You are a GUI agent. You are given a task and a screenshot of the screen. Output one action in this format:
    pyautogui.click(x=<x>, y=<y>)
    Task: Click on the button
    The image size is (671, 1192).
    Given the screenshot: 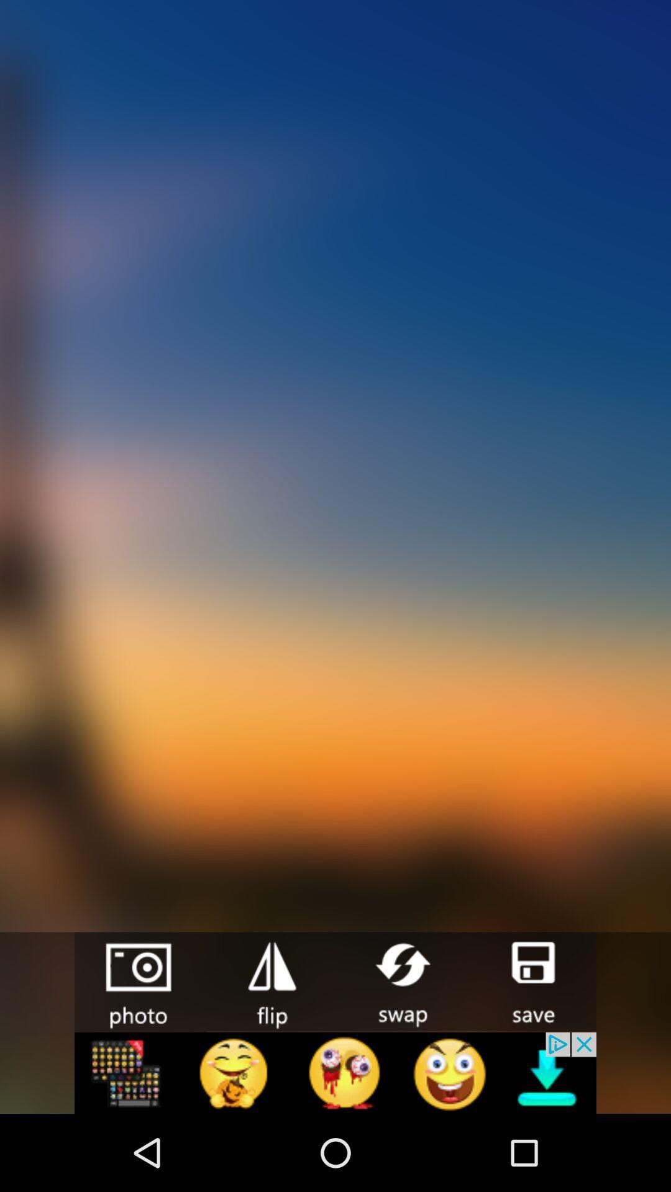 What is the action you would take?
    pyautogui.click(x=531, y=980)
    